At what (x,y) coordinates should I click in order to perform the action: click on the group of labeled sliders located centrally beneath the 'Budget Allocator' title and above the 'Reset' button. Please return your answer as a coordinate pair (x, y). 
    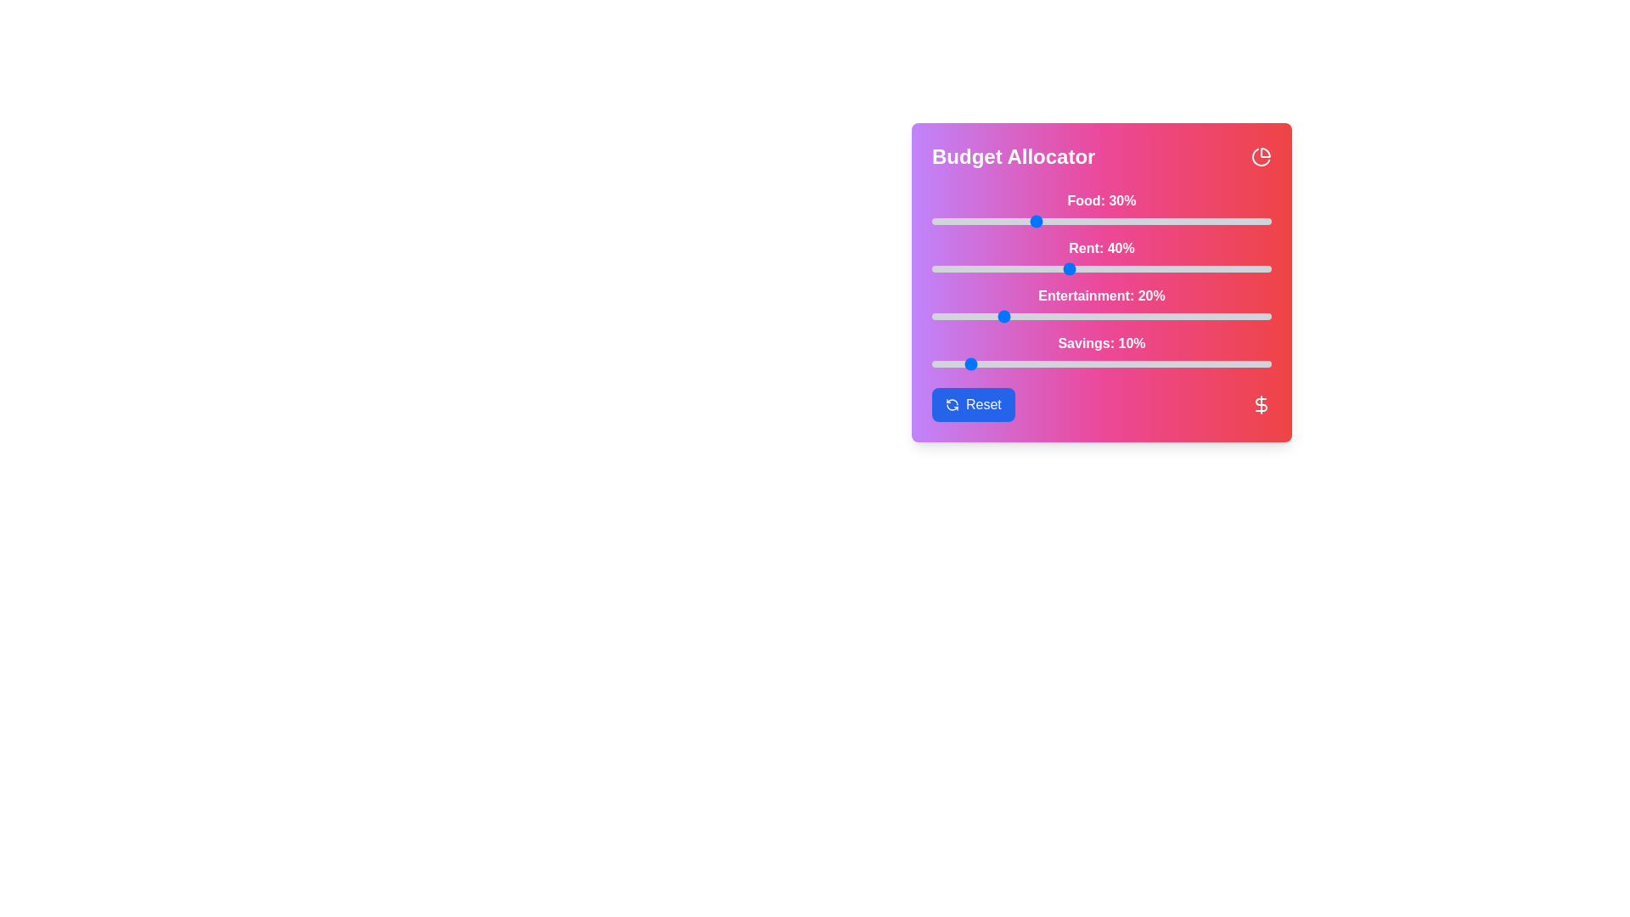
    Looking at the image, I should click on (1101, 278).